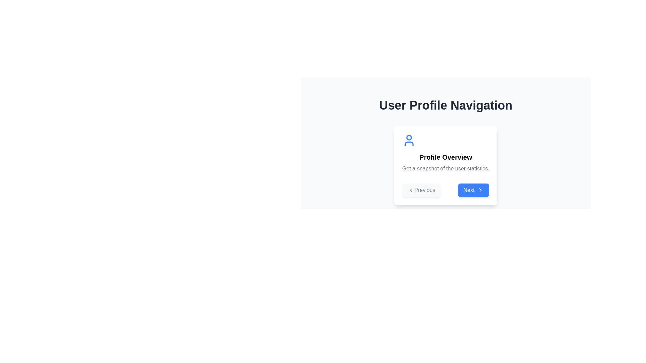 This screenshot has height=363, width=646. What do you see at coordinates (480, 190) in the screenshot?
I see `the chevron-shaped icon that is part of the 'Next' button in the 'Profile Overview' section of the navigation pane` at bounding box center [480, 190].